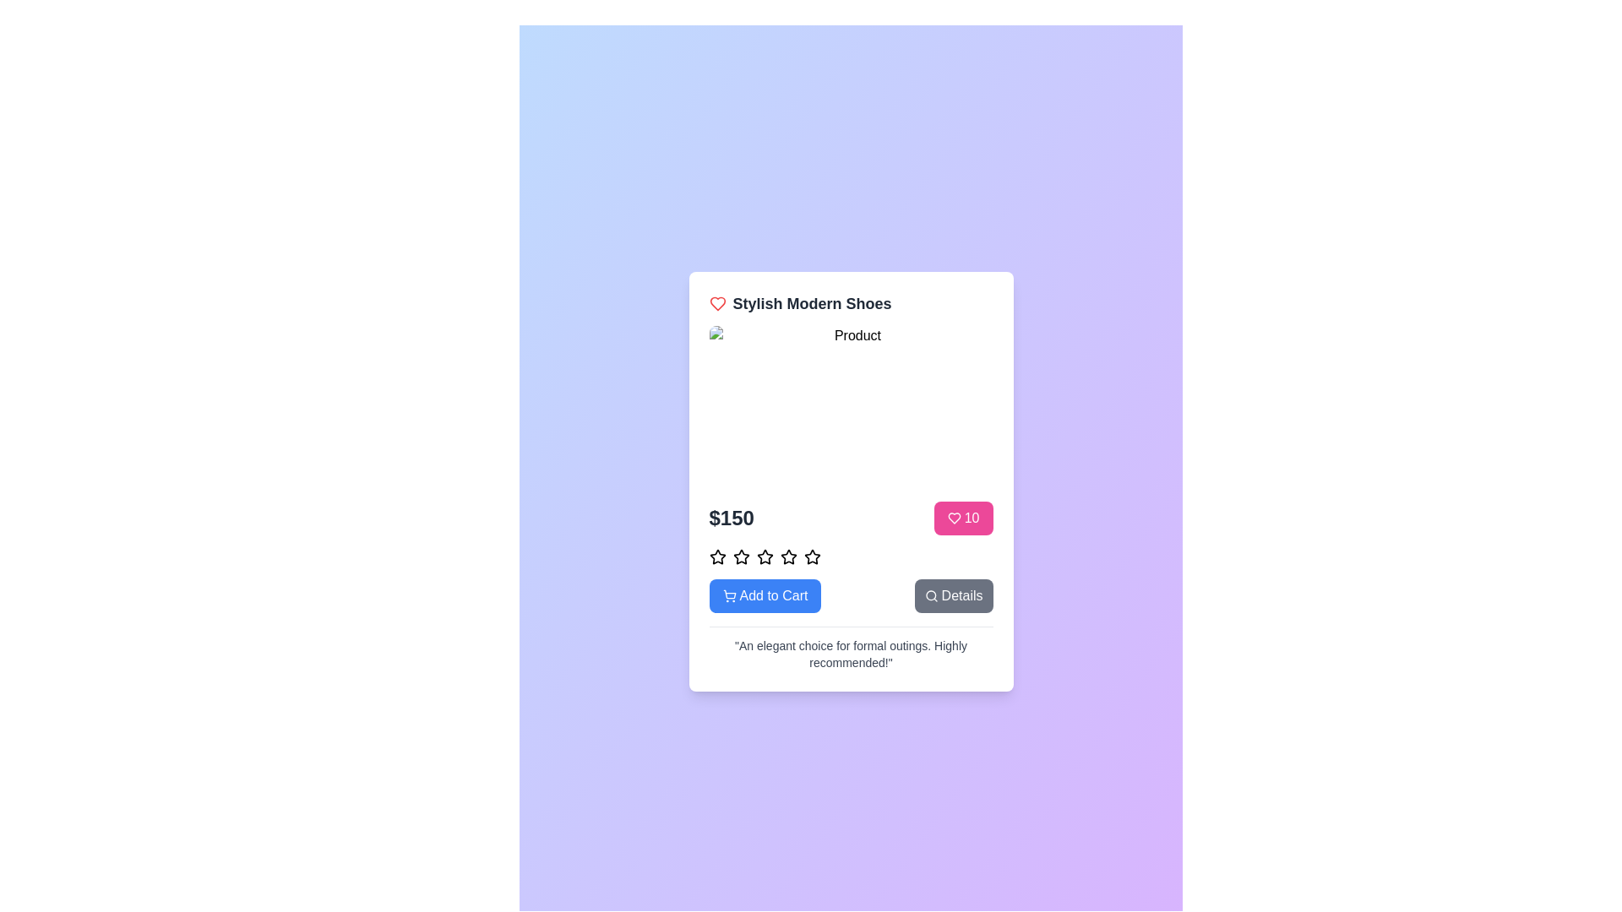 The width and height of the screenshot is (1622, 912). What do you see at coordinates (963, 517) in the screenshot?
I see `the pink button with a white heart icon and bold white text displaying '10' to increment the like count` at bounding box center [963, 517].